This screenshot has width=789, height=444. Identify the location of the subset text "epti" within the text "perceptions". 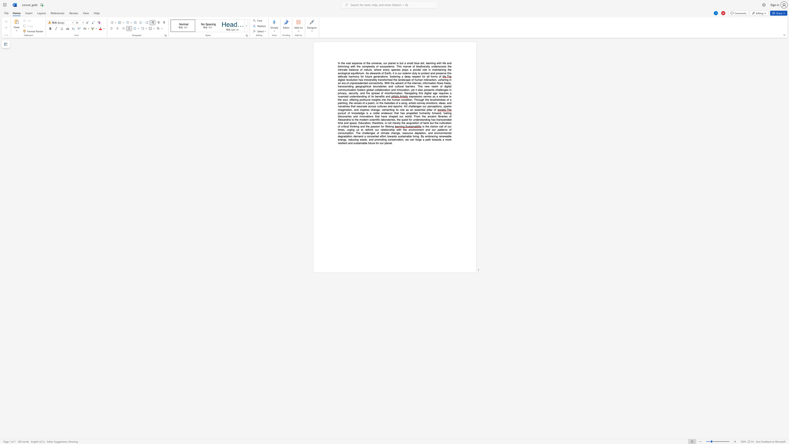
(432, 106).